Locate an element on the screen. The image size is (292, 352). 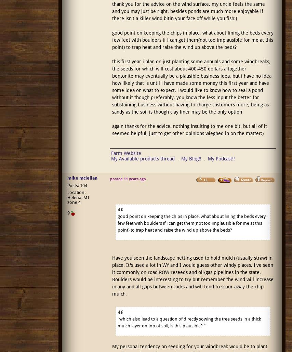
'Location: Helena, MT zone 4' is located at coordinates (78, 197).